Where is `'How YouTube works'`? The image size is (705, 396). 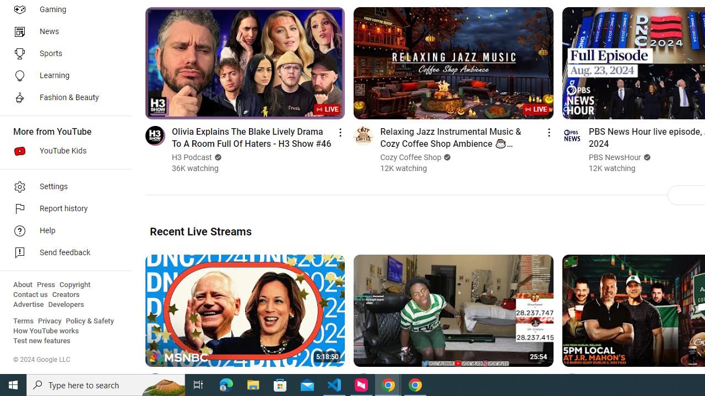 'How YouTube works' is located at coordinates (45, 331).